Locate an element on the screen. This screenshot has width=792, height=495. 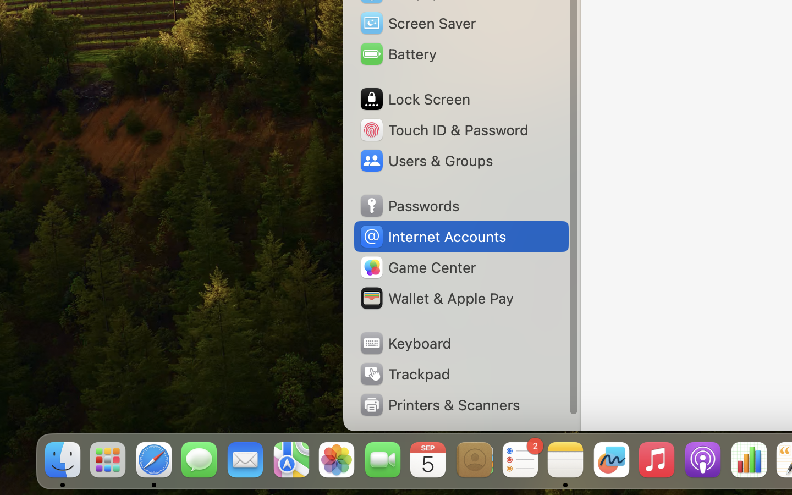
'Passwords' is located at coordinates (409, 206).